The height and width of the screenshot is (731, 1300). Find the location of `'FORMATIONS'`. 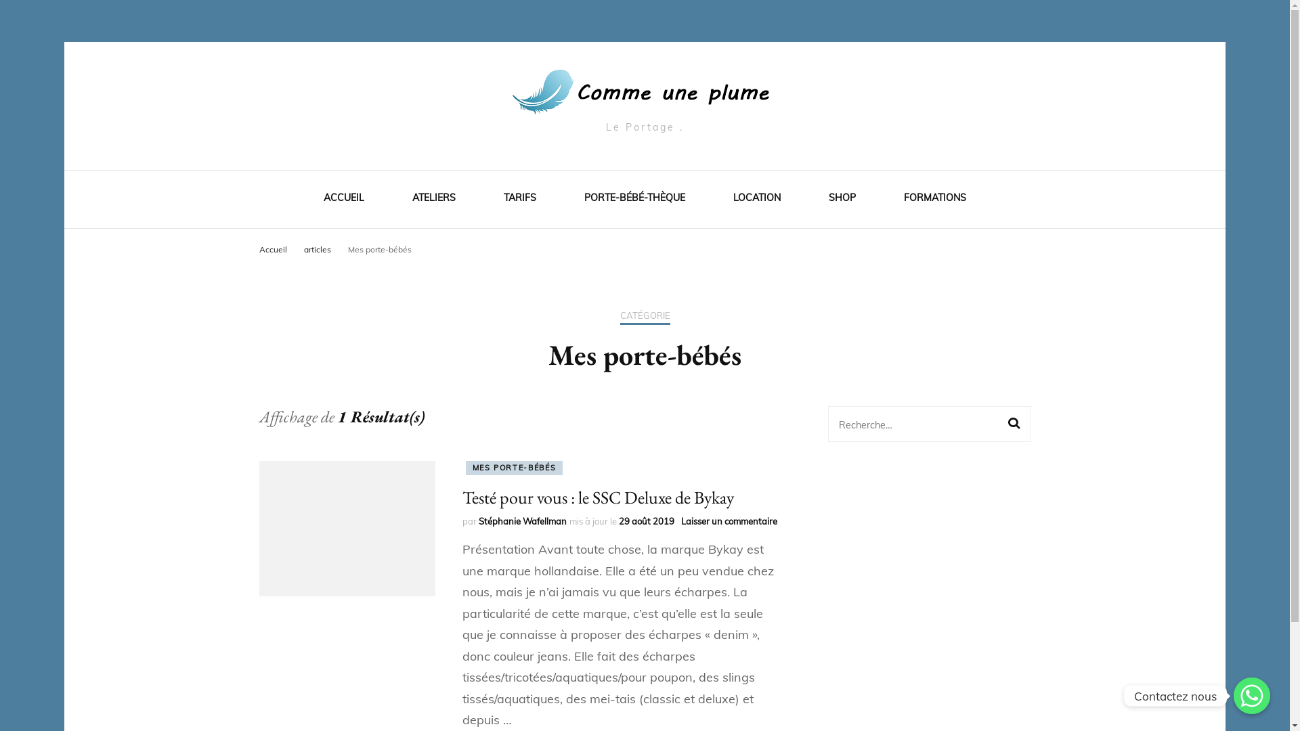

'FORMATIONS' is located at coordinates (934, 200).